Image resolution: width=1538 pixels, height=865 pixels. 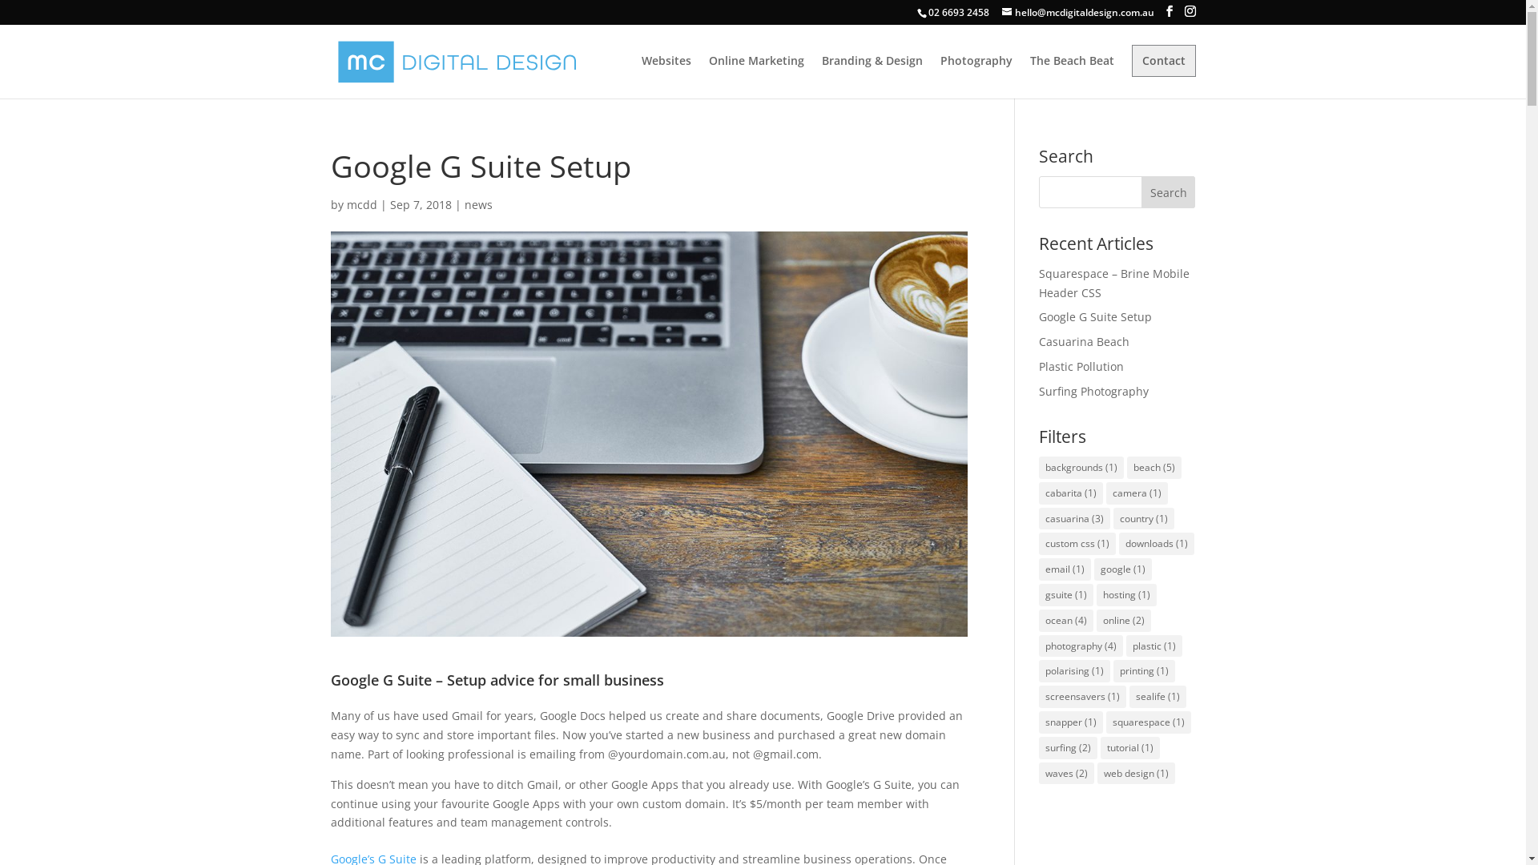 What do you see at coordinates (1125, 467) in the screenshot?
I see `'beach (5)'` at bounding box center [1125, 467].